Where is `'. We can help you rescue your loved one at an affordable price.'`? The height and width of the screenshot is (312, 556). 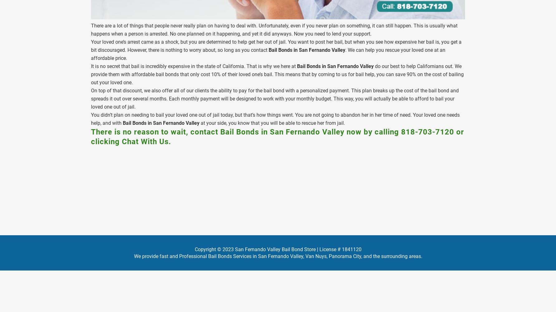
'. We can help you rescue your loved one at an affordable price.' is located at coordinates (268, 54).